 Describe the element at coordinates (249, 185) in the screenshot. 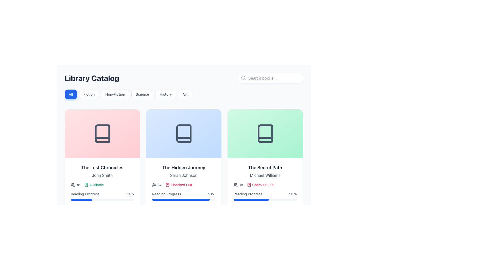

I see `the small outlined book-shaped icon with a bookmark overlay, located immediately to the left of the 'Checked Out' text in red, within the middle card of the displayed list` at that location.